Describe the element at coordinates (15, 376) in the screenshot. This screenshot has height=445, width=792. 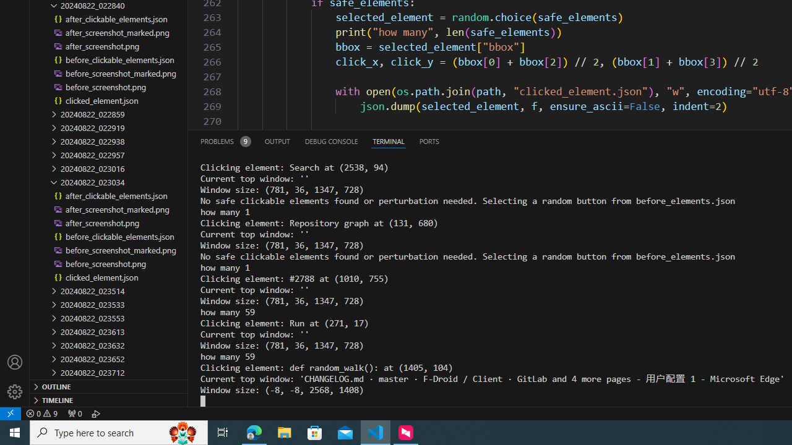
I see `'Manage'` at that location.